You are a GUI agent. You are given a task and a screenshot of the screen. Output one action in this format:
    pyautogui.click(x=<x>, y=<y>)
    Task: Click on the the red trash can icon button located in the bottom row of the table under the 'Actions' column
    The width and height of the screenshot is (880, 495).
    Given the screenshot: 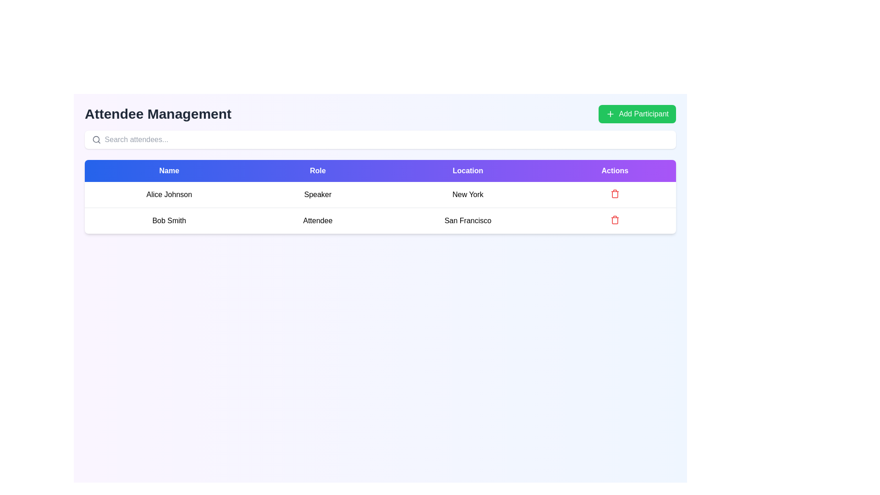 What is the action you would take?
    pyautogui.click(x=615, y=193)
    